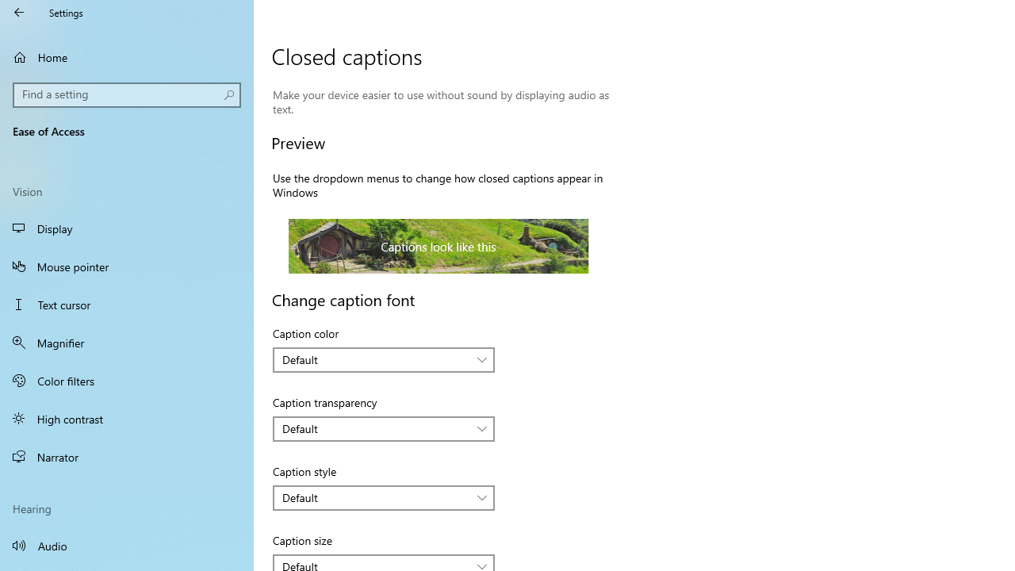 This screenshot has width=1015, height=571. What do you see at coordinates (127, 457) in the screenshot?
I see `'Narrator'` at bounding box center [127, 457].